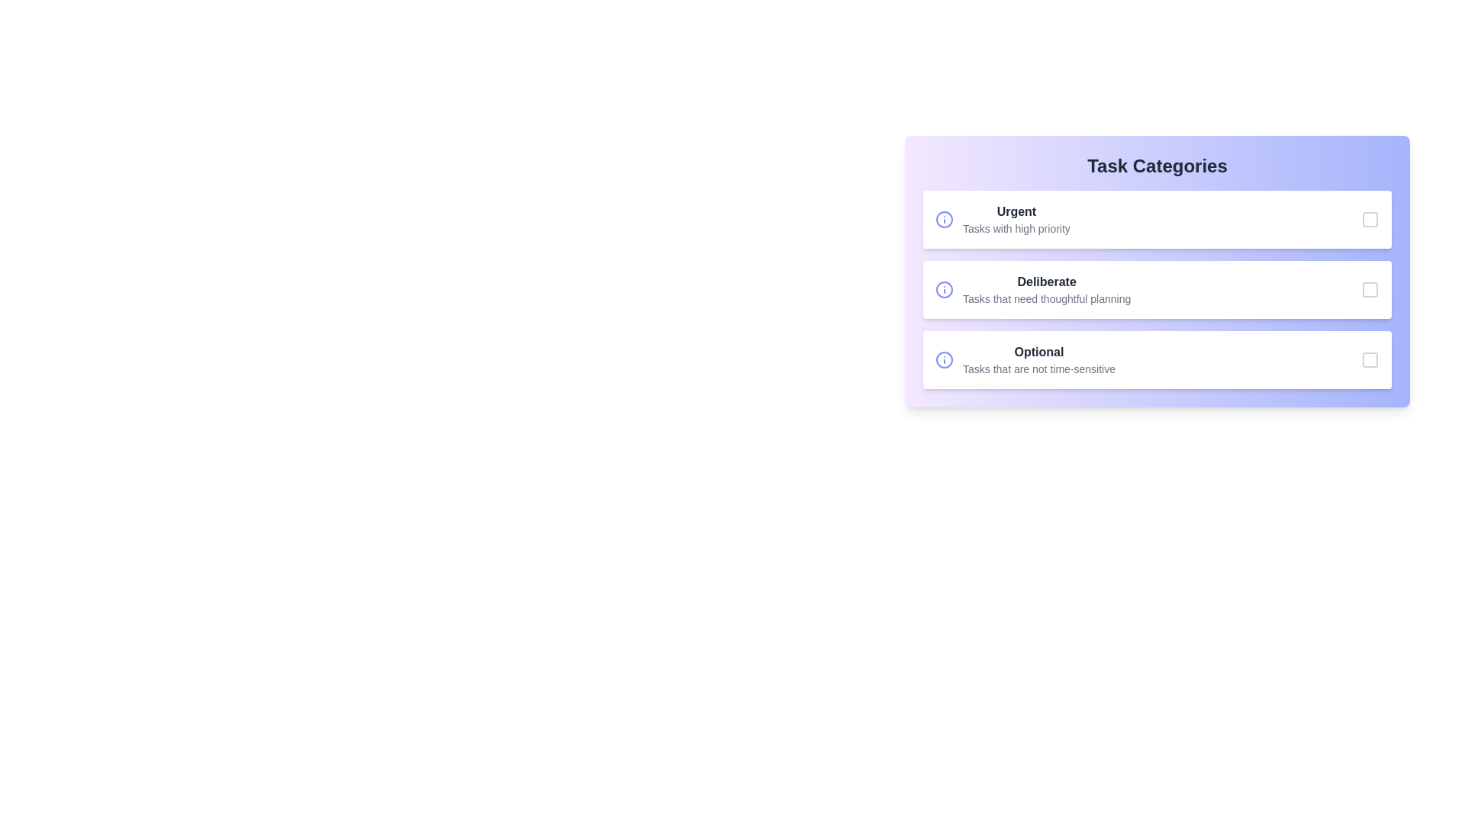  I want to click on the 'Task Categories' header to focus on the component, so click(1157, 166).